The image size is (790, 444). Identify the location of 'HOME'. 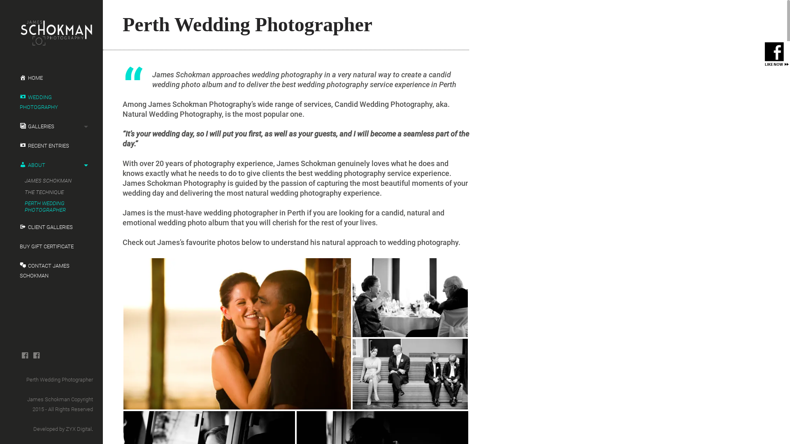
(51, 78).